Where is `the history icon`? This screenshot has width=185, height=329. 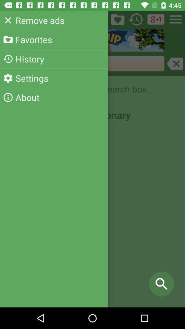 the history icon is located at coordinates (136, 19).